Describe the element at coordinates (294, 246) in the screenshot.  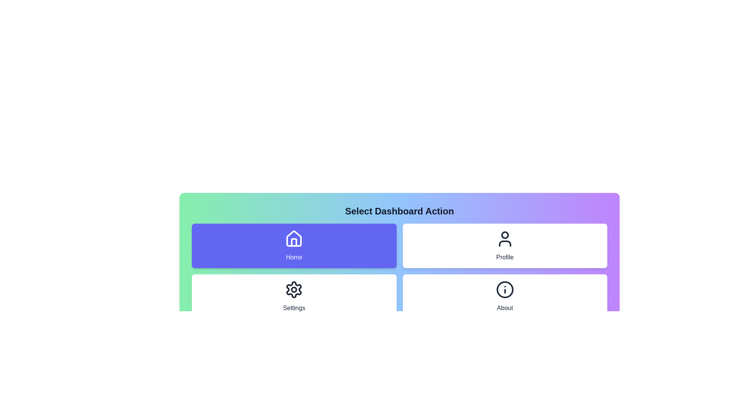
I see `the Home button to select the corresponding dashboard action` at that location.